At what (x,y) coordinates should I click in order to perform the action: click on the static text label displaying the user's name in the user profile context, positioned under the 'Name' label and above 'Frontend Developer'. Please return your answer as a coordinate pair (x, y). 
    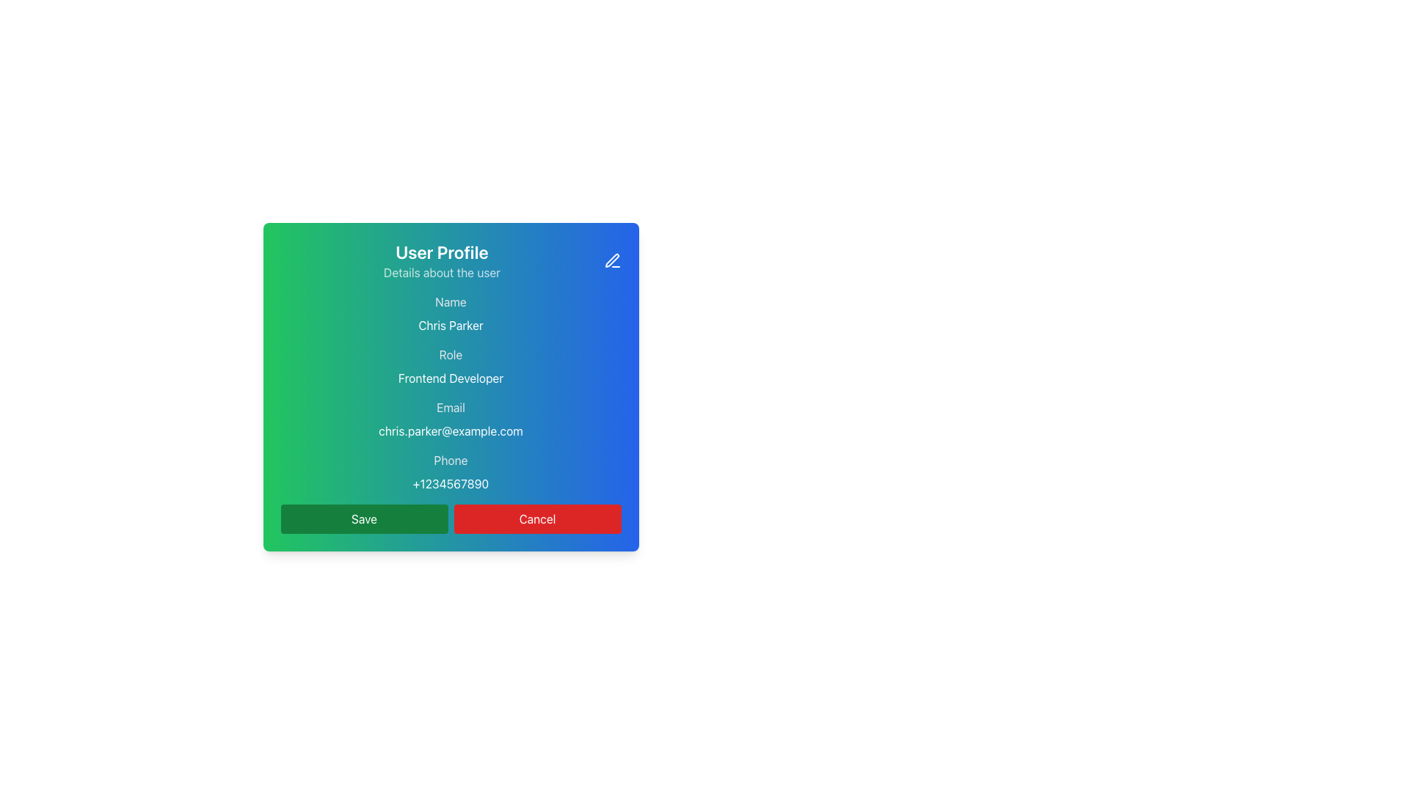
    Looking at the image, I should click on (450, 324).